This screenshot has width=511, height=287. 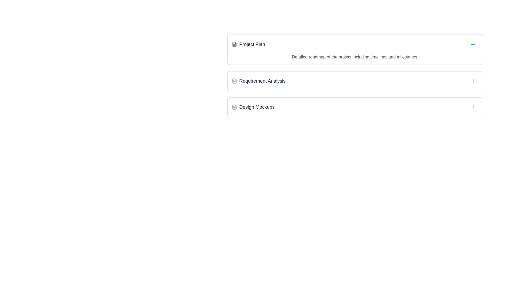 What do you see at coordinates (473, 81) in the screenshot?
I see `the interactive button located to the right of the 'Design Mockups' section for visual feedback` at bounding box center [473, 81].